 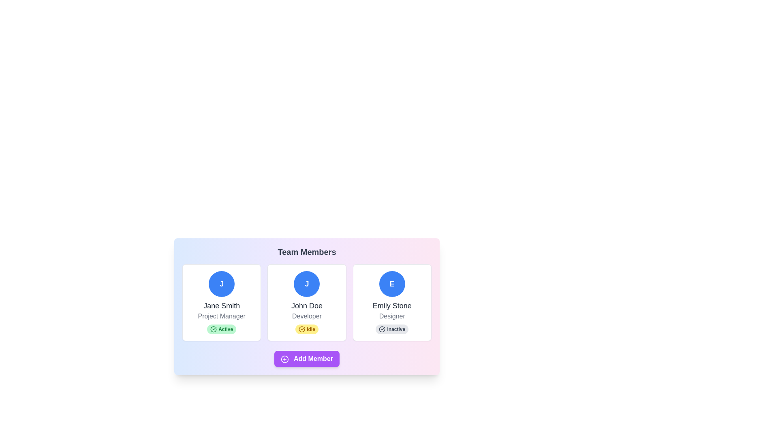 I want to click on the distinct purple button located at the bottom center of the 'Team Members' panel to visualize its hover state, so click(x=306, y=359).